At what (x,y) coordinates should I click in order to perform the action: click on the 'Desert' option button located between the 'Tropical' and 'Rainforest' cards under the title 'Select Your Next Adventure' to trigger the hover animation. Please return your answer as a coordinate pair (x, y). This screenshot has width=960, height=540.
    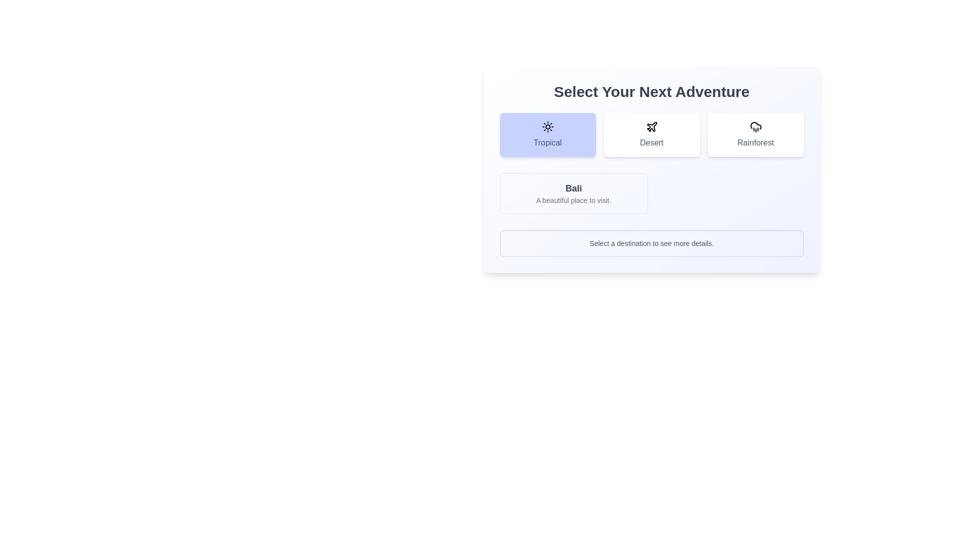
    Looking at the image, I should click on (651, 135).